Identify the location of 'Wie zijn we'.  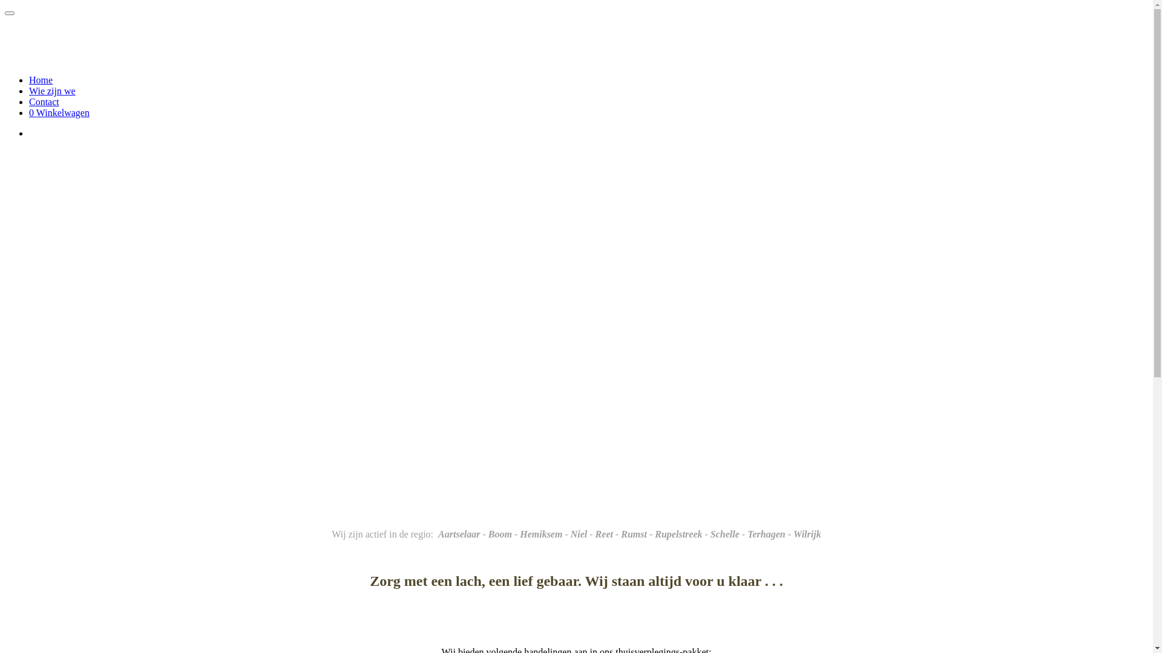
(51, 90).